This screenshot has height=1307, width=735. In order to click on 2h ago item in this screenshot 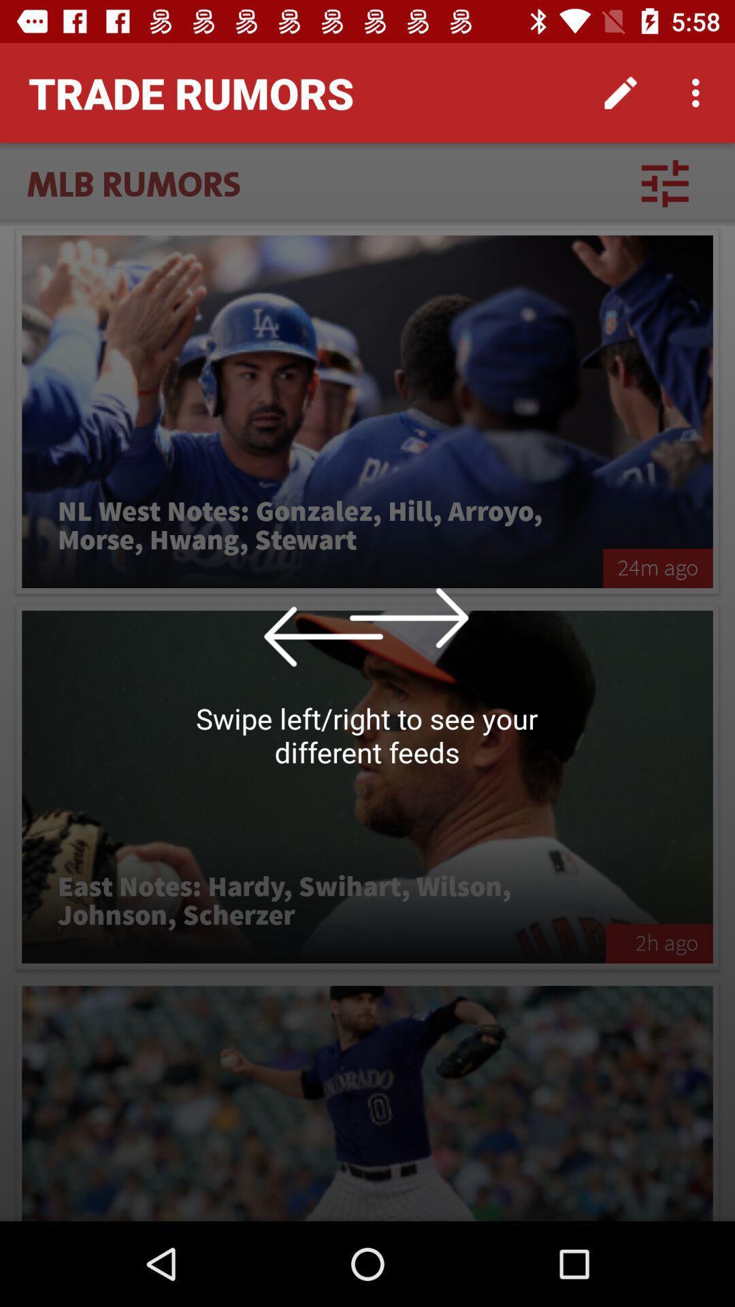, I will do `click(658, 943)`.